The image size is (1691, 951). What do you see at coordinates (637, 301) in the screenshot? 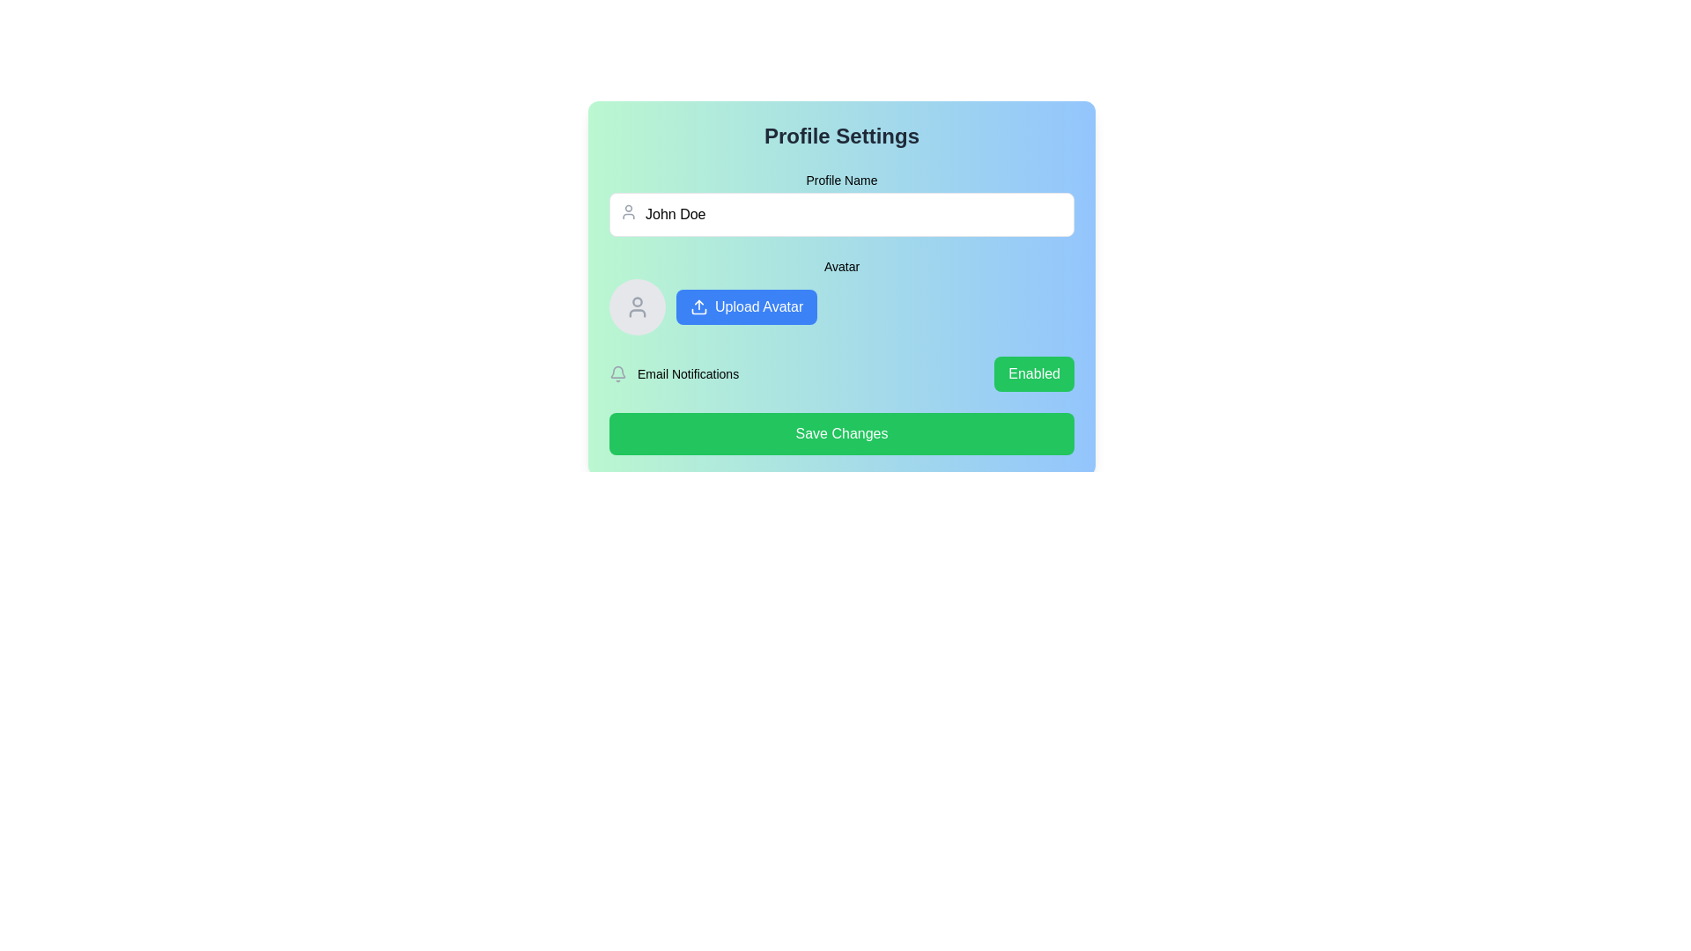
I see `the circular user avatar icon located to the left of the 'Upload Avatar' button within the 'Avatar' section` at bounding box center [637, 301].